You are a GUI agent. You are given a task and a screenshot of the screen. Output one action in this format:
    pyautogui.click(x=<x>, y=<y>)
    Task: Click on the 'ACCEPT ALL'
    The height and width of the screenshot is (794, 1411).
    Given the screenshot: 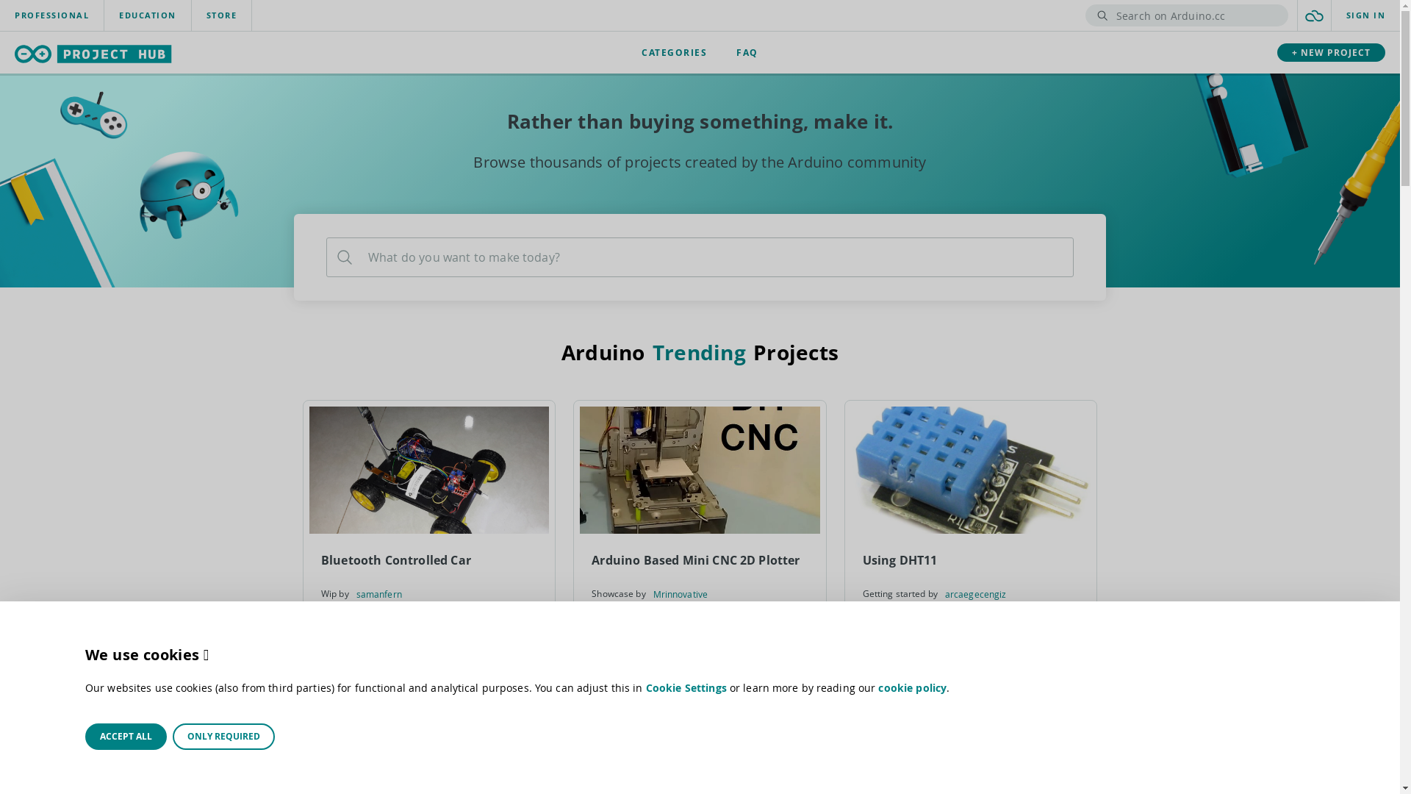 What is the action you would take?
    pyautogui.click(x=126, y=737)
    